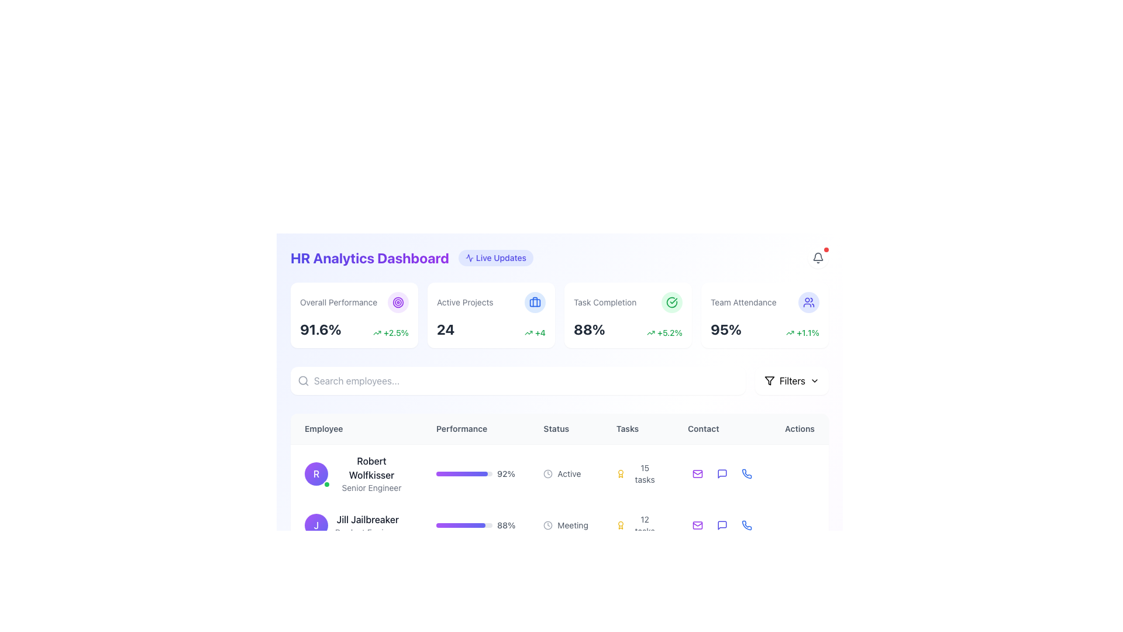 The image size is (1123, 632). I want to click on the small golden-yellow award icon, which is positioned to the left of the '12 tasks' label in the 'Tasks' column, so click(620, 525).